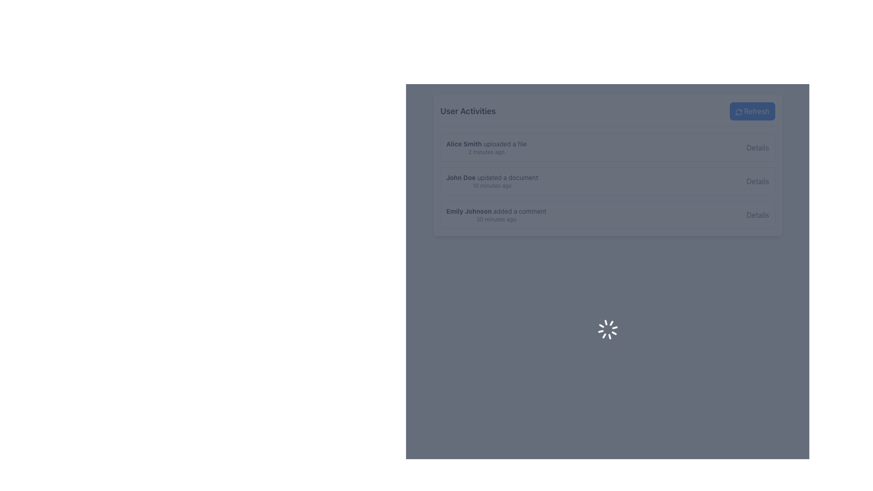 The height and width of the screenshot is (491, 873). Describe the element at coordinates (607, 181) in the screenshot. I see `the 'Details' link of the Activity Feed Item indicating 'John Doe updated a document'` at that location.